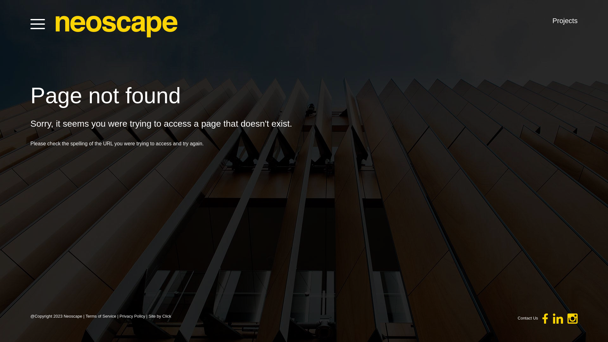 Image resolution: width=608 pixels, height=342 pixels. What do you see at coordinates (100, 316) in the screenshot?
I see `'Terms of Service'` at bounding box center [100, 316].